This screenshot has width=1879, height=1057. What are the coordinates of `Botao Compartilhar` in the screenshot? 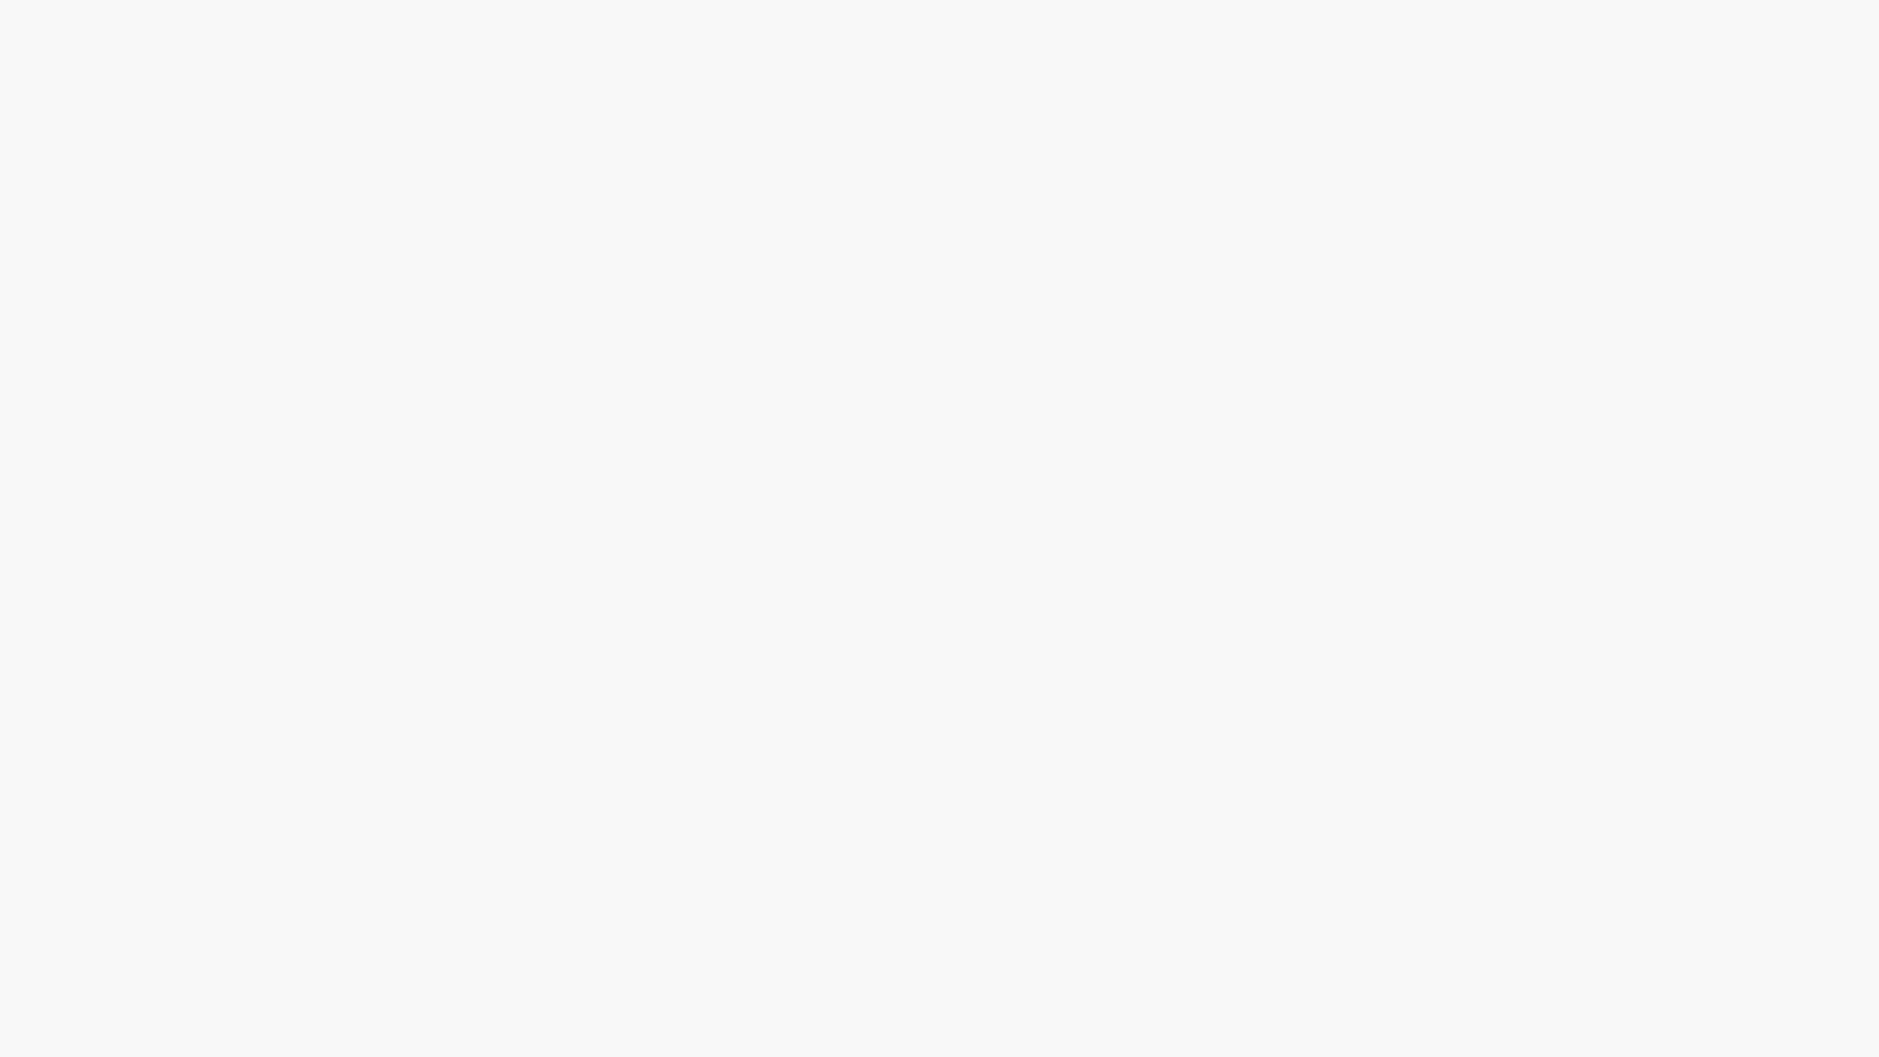 It's located at (1015, 970).